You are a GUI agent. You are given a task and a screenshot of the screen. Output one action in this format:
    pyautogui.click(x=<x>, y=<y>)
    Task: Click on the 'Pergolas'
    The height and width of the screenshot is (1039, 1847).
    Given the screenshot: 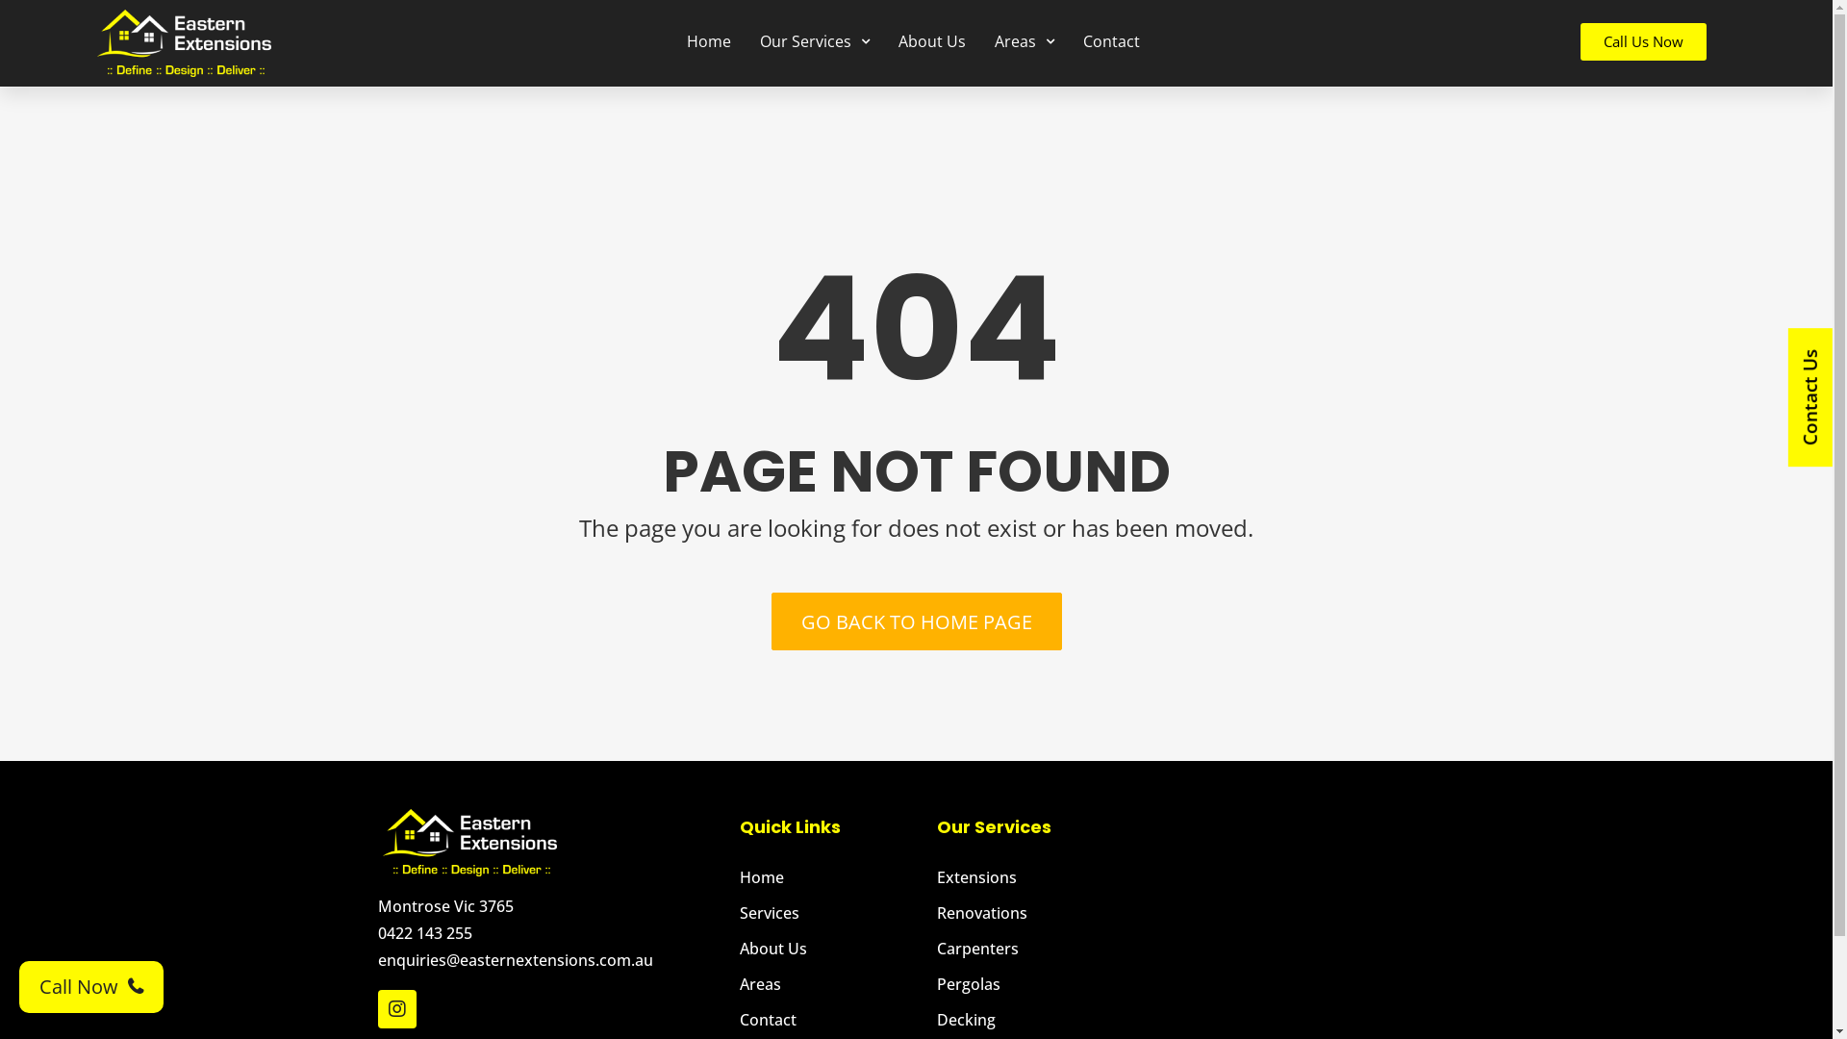 What is the action you would take?
    pyautogui.click(x=1030, y=983)
    